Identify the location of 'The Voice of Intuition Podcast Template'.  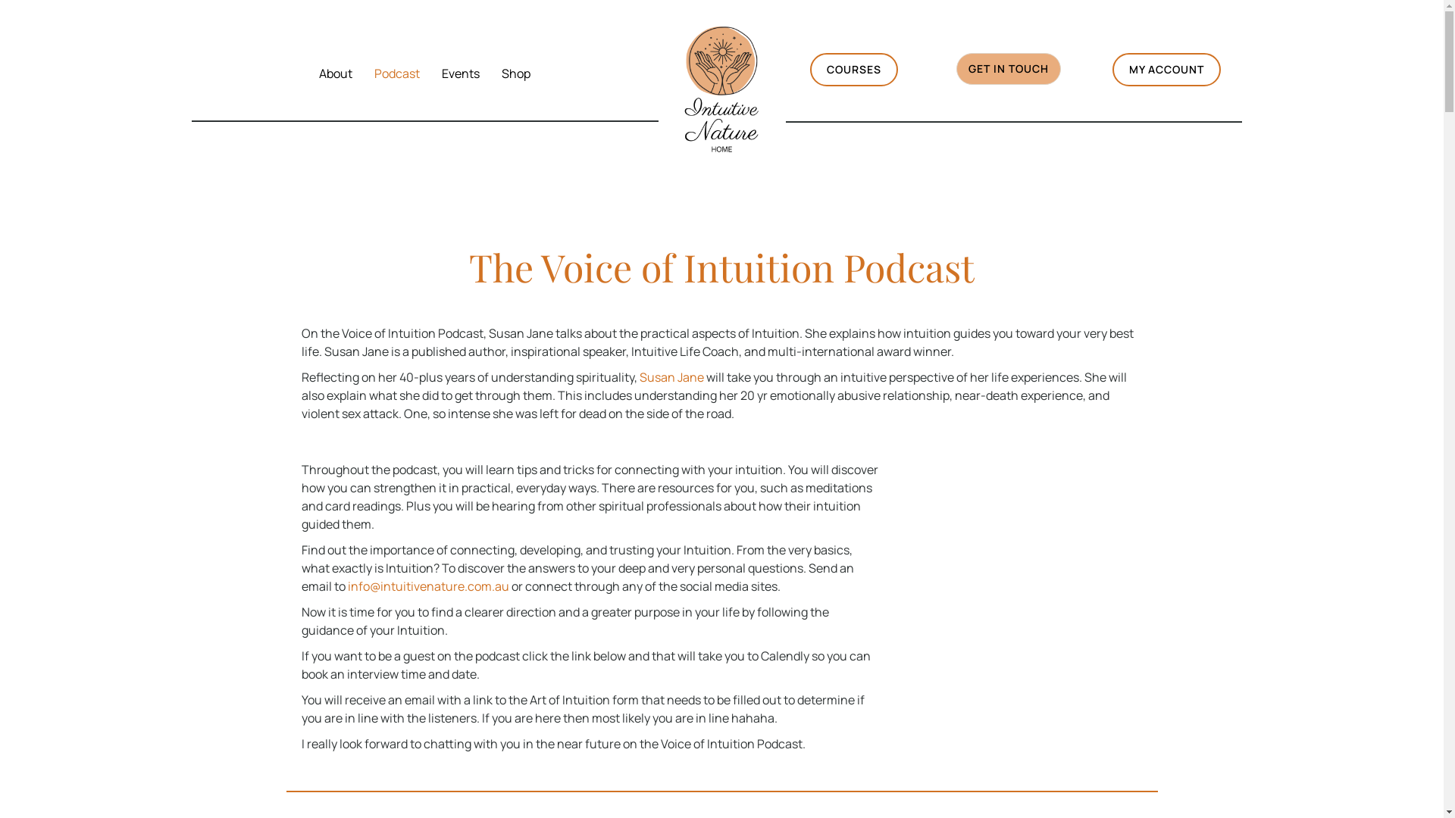
(911, 574).